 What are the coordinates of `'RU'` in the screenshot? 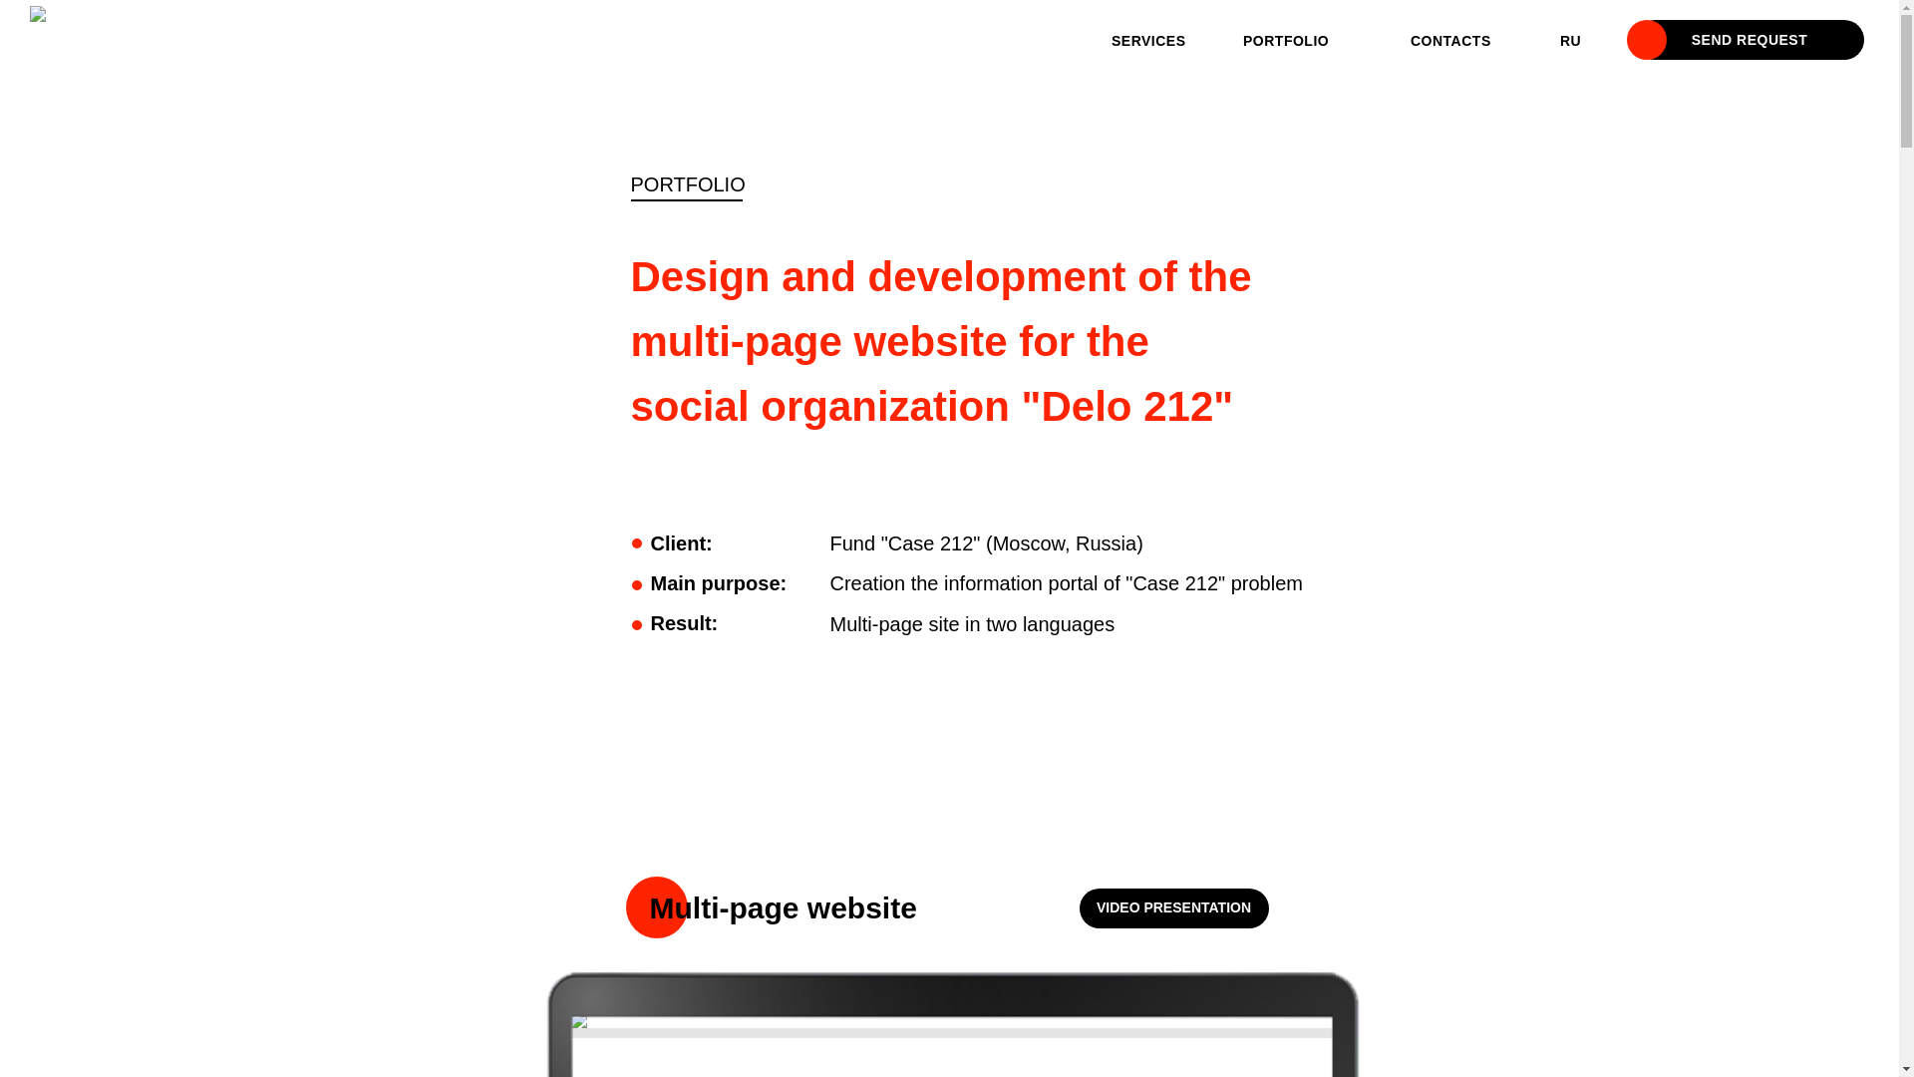 It's located at (1569, 41).